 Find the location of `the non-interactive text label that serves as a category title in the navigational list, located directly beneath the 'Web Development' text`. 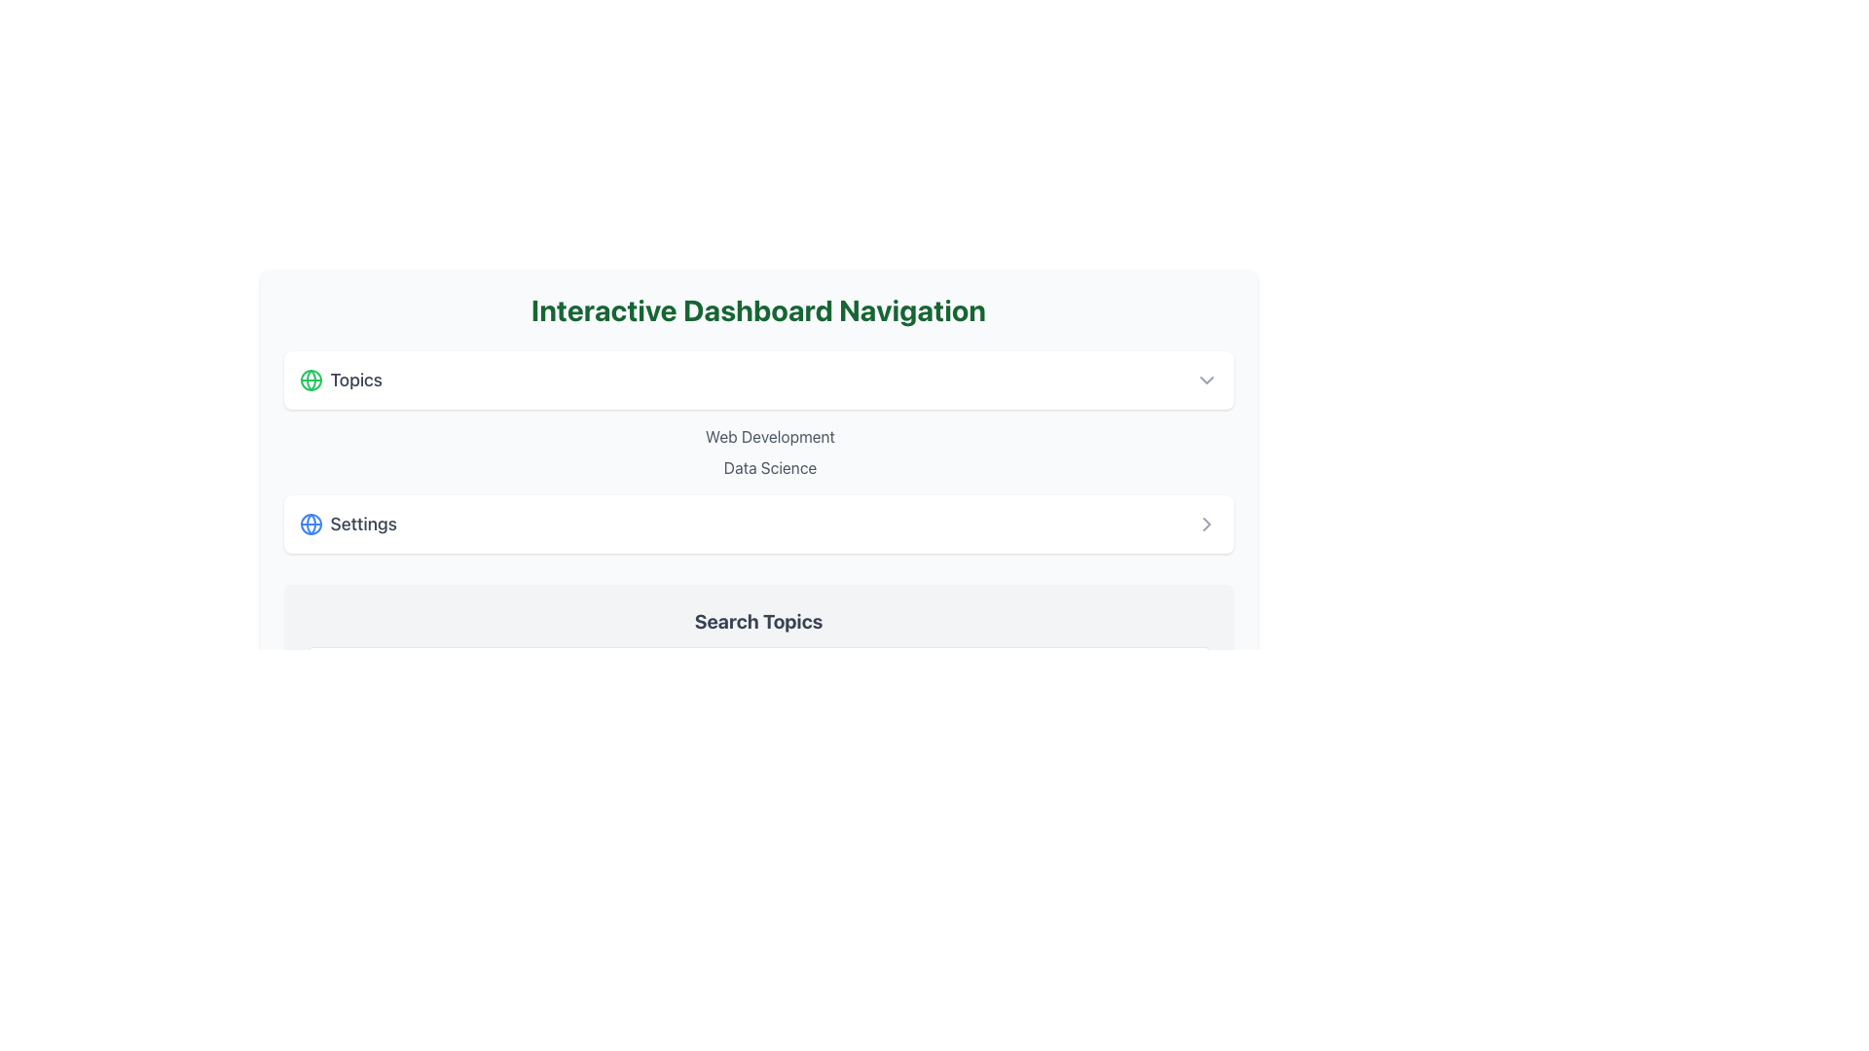

the non-interactive text label that serves as a category title in the navigational list, located directly beneath the 'Web Development' text is located at coordinates (769, 468).